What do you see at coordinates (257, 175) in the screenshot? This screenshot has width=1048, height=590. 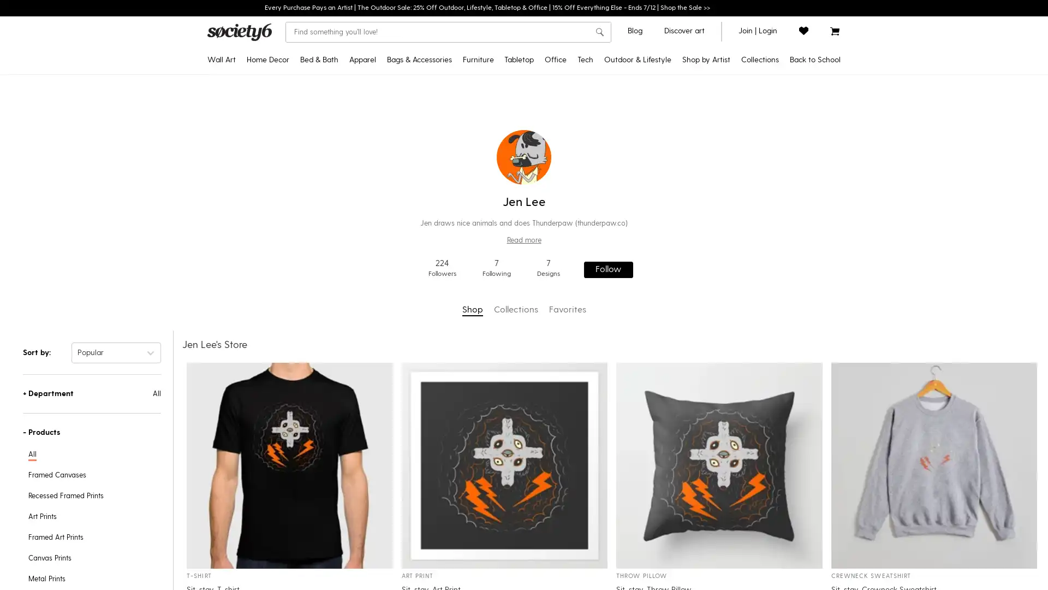 I see `Tapestries` at bounding box center [257, 175].